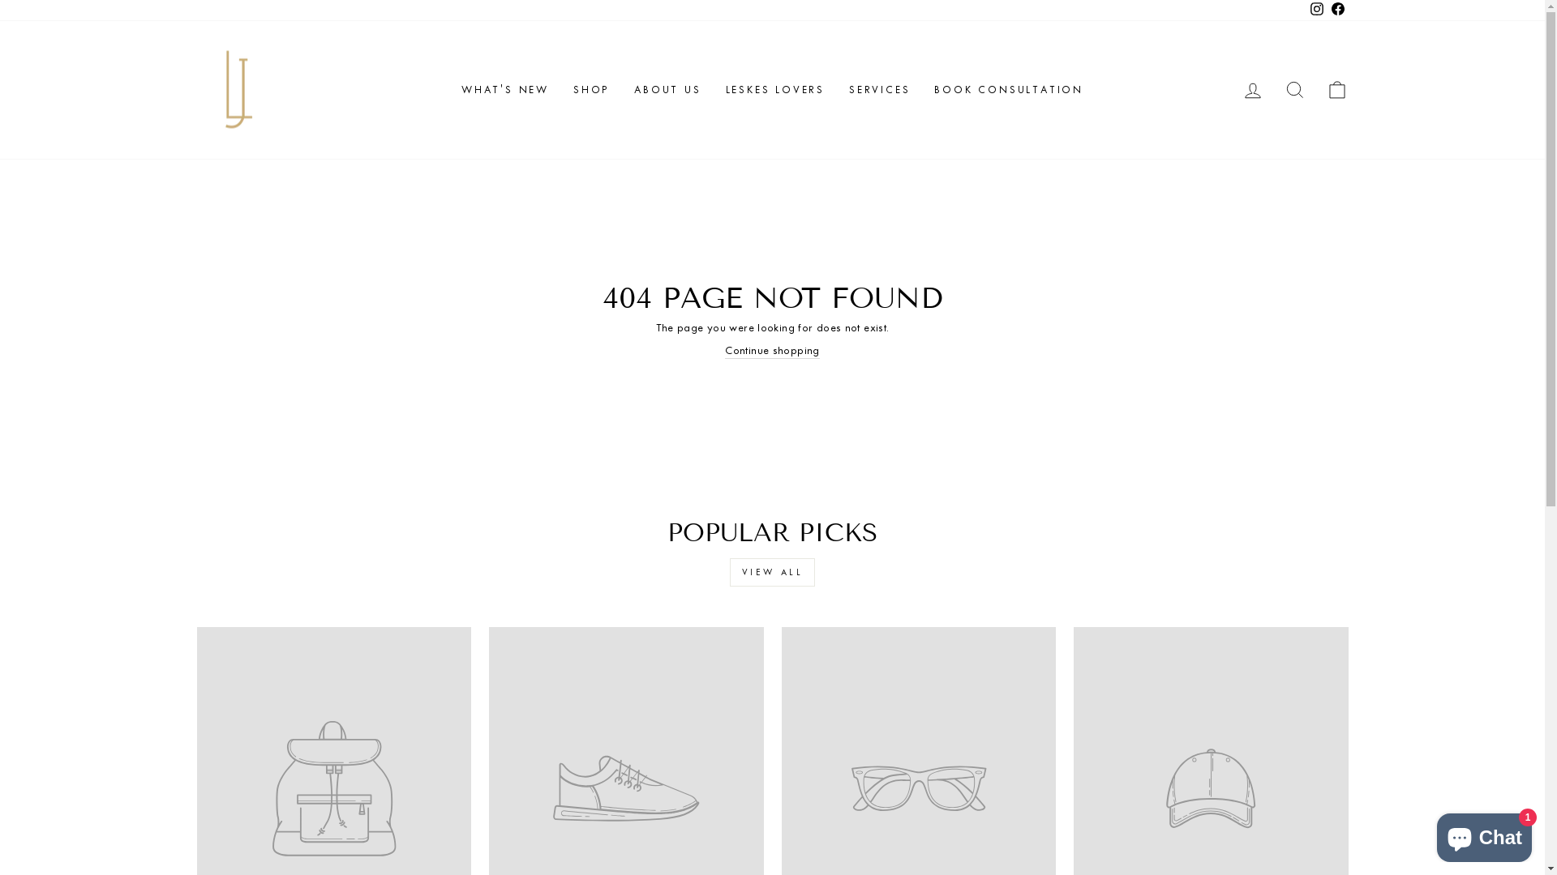 Image resolution: width=1557 pixels, height=875 pixels. I want to click on 'LOG IN', so click(1251, 90).